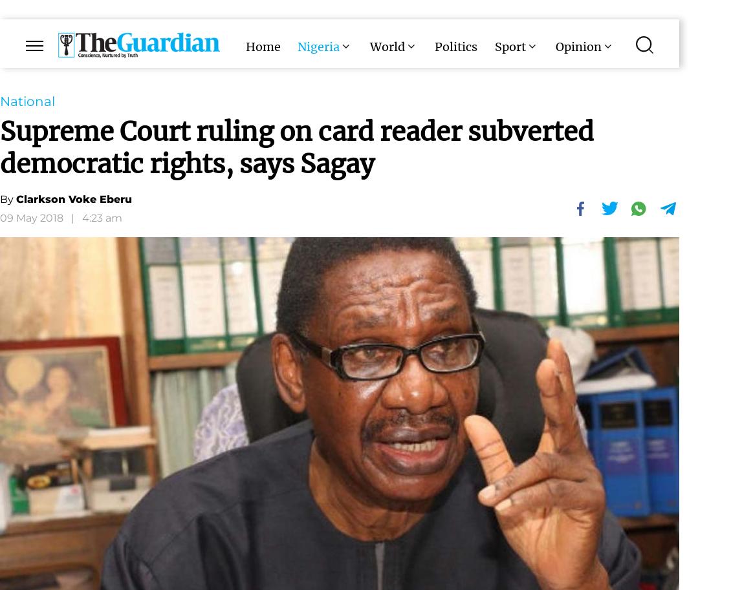 The image size is (731, 590). I want to click on 'Nigeria', so click(318, 45).